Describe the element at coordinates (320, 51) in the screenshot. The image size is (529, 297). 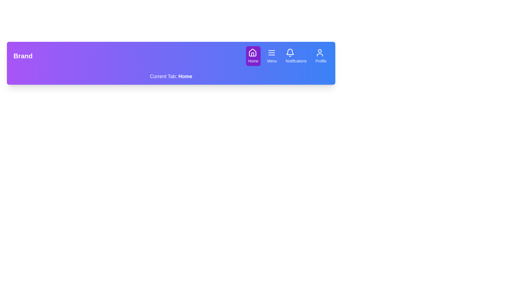
I see `the small circular shape element in the user profile section located at the topmost part of the profile icon, adjacent to the 'Profile' text label` at that location.